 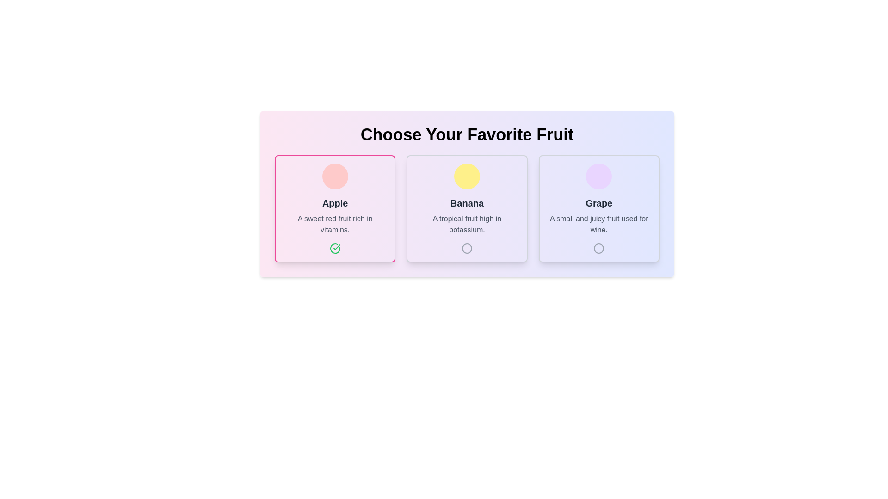 I want to click on the Header text element that introduces the section, clarifying the purpose of the options below, to trigger possible UI effects, so click(x=467, y=135).